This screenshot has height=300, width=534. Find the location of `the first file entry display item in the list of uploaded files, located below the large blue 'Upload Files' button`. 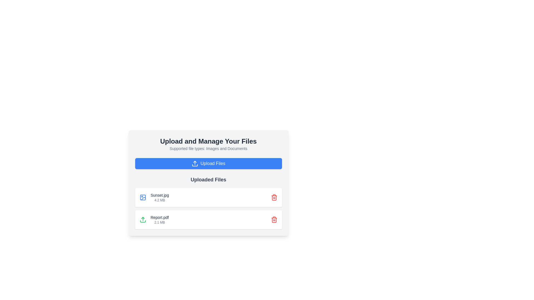

the first file entry display item in the list of uploaded files, located below the large blue 'Upload Files' button is located at coordinates (154, 197).